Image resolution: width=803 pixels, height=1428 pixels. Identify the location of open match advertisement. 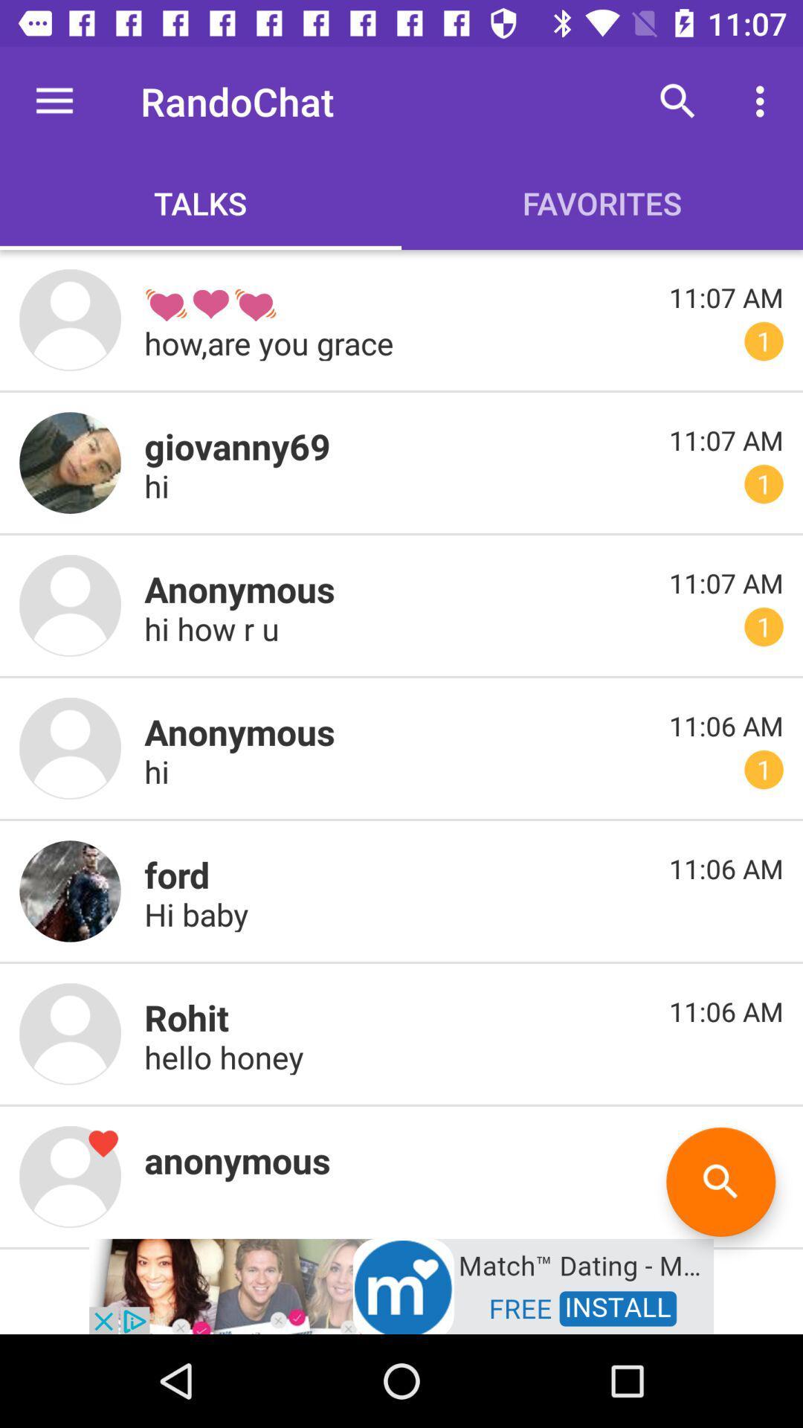
(401, 1284).